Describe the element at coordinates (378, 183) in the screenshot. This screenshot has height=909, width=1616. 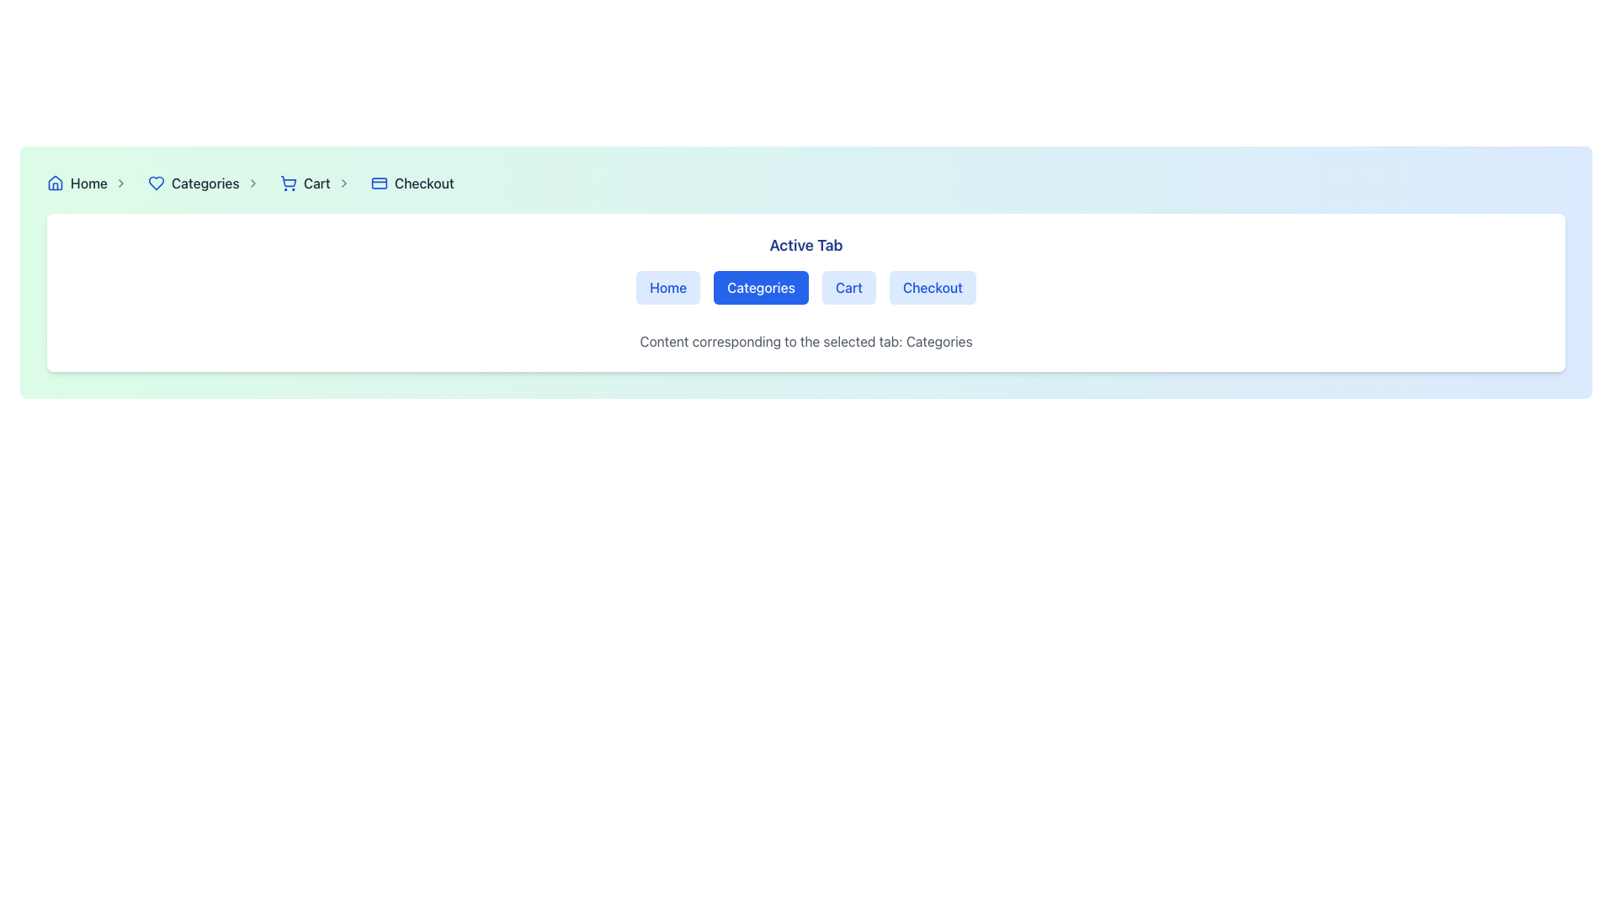
I see `the credit card icon in the breadcrumb navigation bar, located to the left of the 'Checkout' text` at that location.